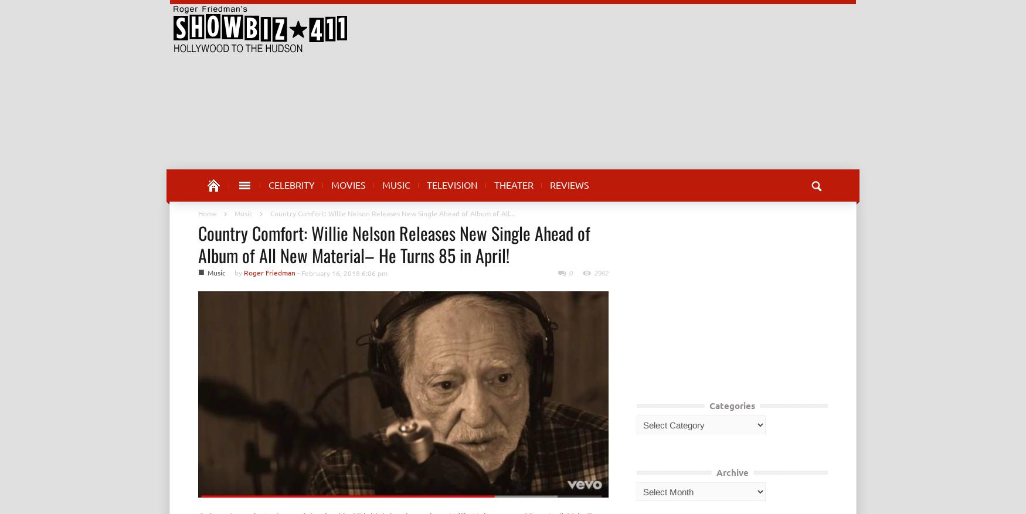  What do you see at coordinates (208, 213) in the screenshot?
I see `'Home'` at bounding box center [208, 213].